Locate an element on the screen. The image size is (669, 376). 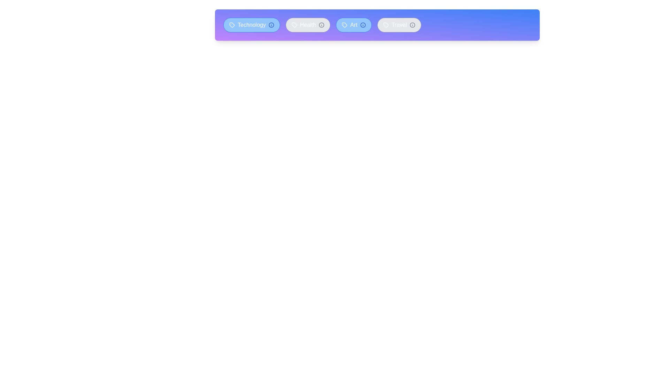
the tag labeled Health is located at coordinates (307, 25).